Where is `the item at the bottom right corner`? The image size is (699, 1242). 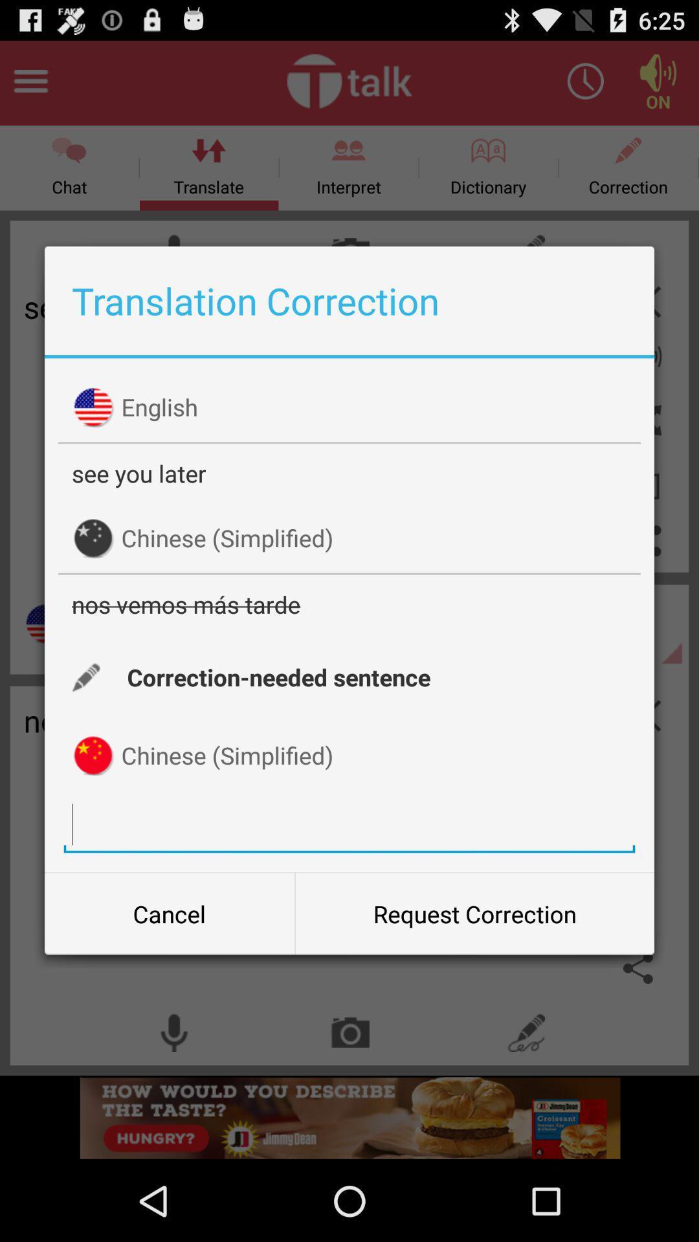 the item at the bottom right corner is located at coordinates (474, 913).